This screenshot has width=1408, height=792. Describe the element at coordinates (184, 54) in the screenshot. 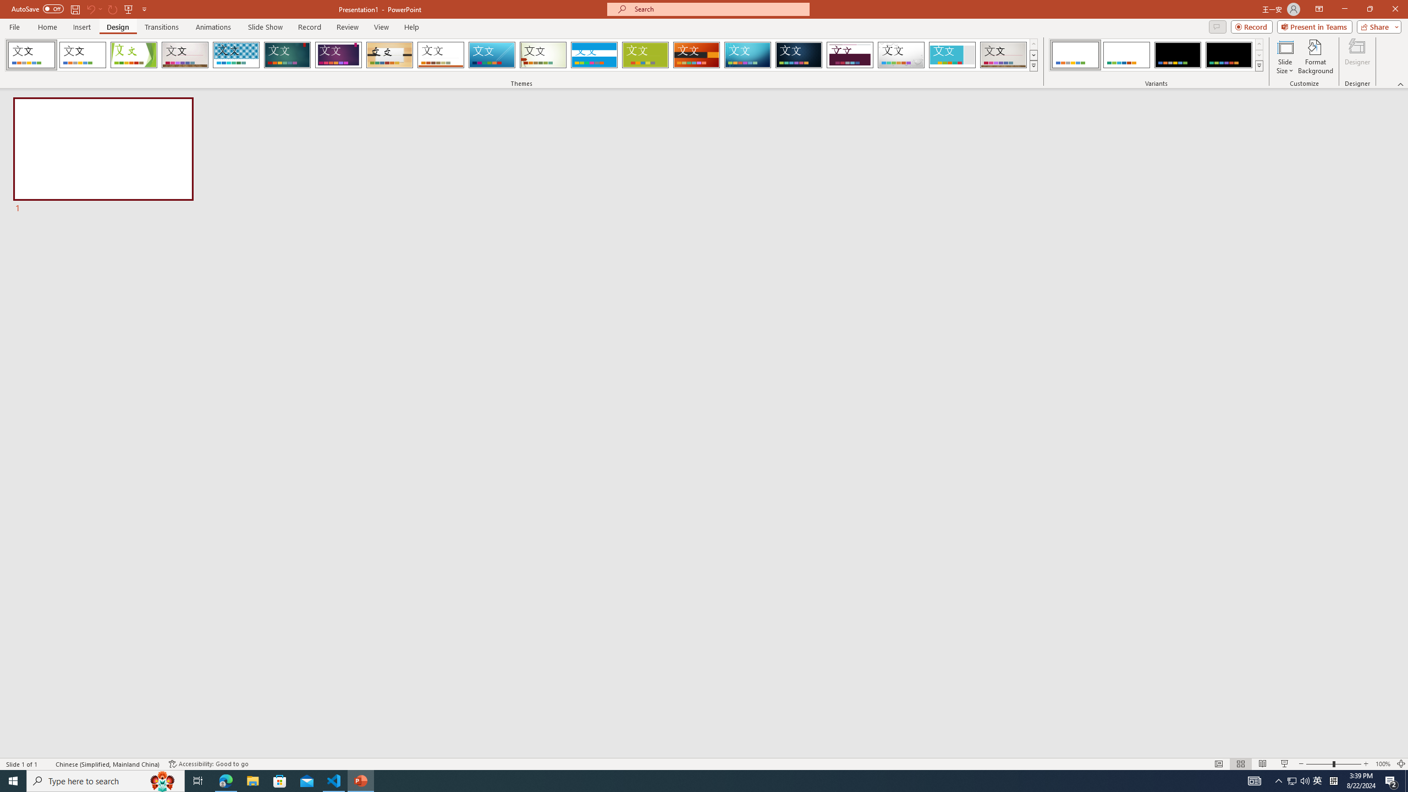

I see `'Gallery'` at that location.